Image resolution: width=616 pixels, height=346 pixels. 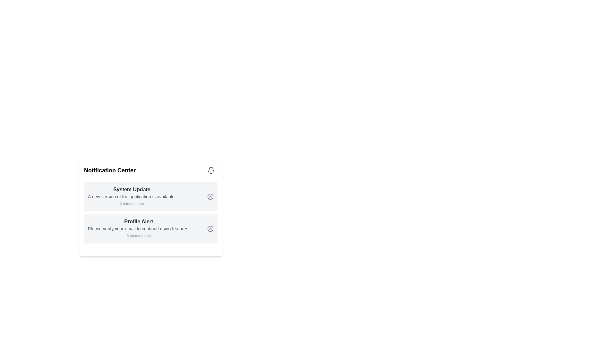 I want to click on the text label displaying '5 minutes ago' in light gray font, which is located beneath the 'Profile Alert' notification, so click(x=138, y=236).